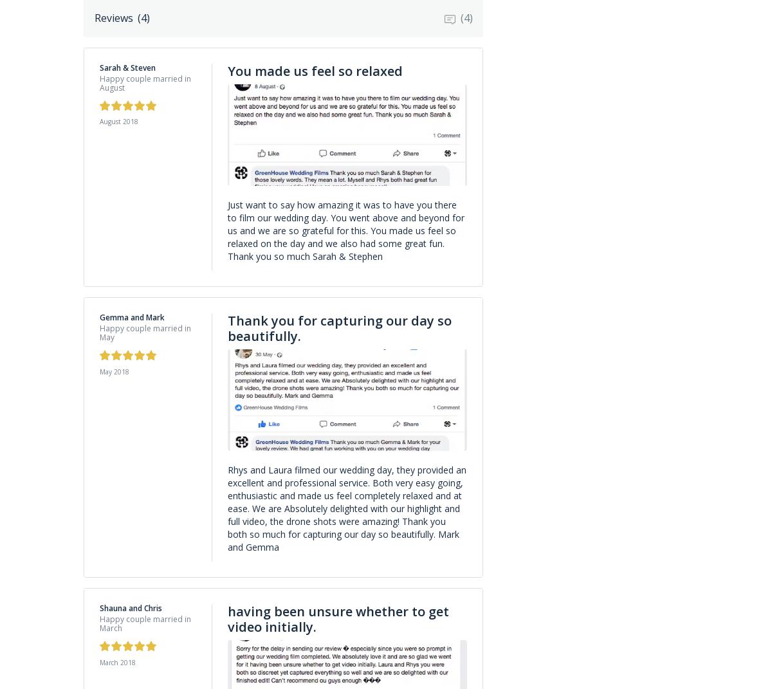 This screenshot has height=689, width=772. Describe the element at coordinates (130, 607) in the screenshot. I see `'Shauna and Chris'` at that location.